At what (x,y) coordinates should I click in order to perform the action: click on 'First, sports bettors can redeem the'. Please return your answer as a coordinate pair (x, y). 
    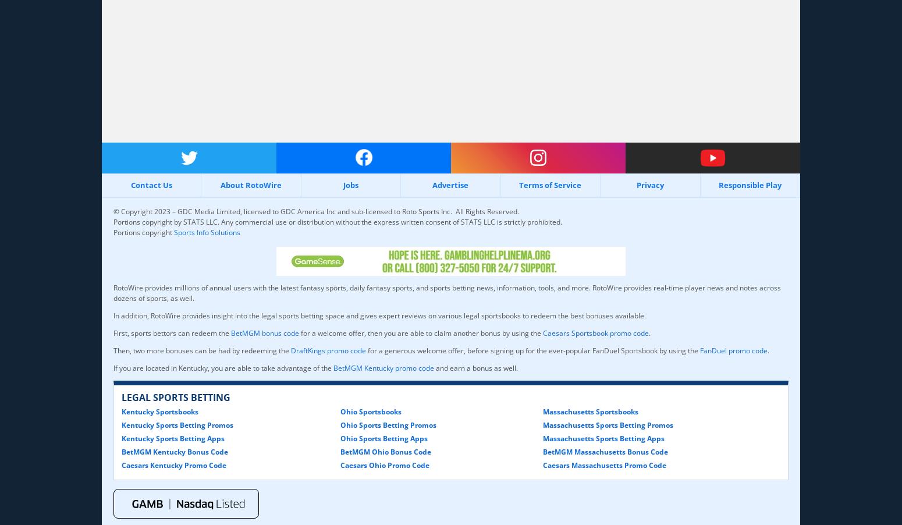
    Looking at the image, I should click on (112, 332).